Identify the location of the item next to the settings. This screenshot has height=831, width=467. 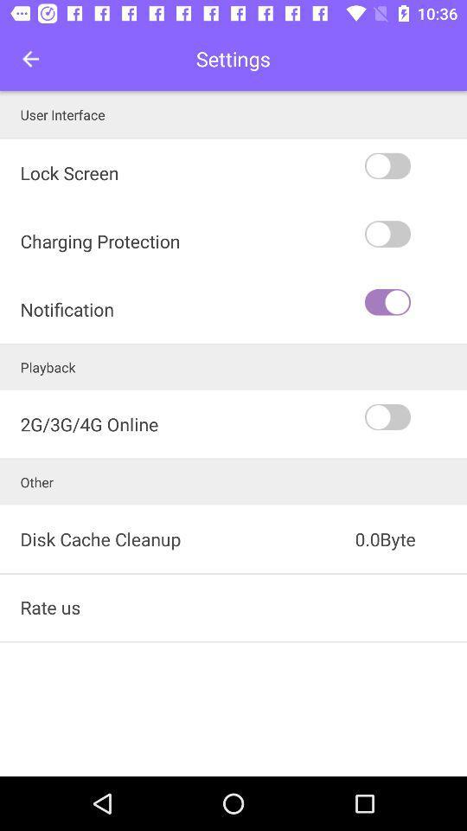
(30, 59).